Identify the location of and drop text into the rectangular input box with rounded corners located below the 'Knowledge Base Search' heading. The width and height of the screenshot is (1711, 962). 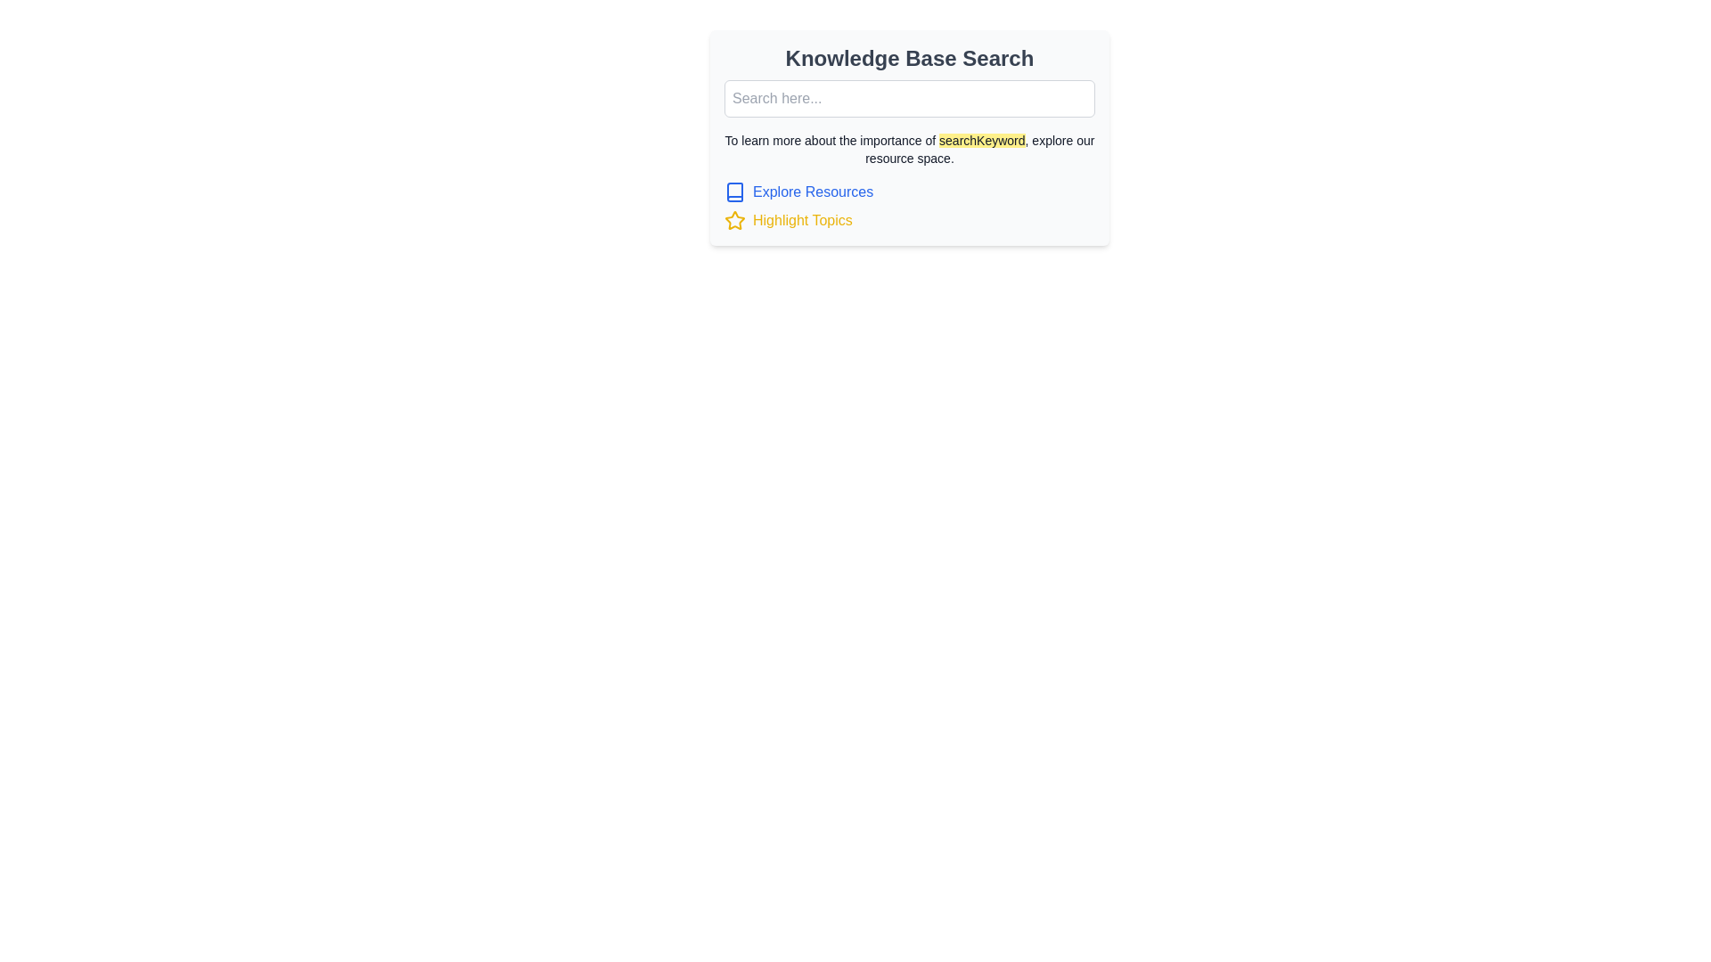
(910, 99).